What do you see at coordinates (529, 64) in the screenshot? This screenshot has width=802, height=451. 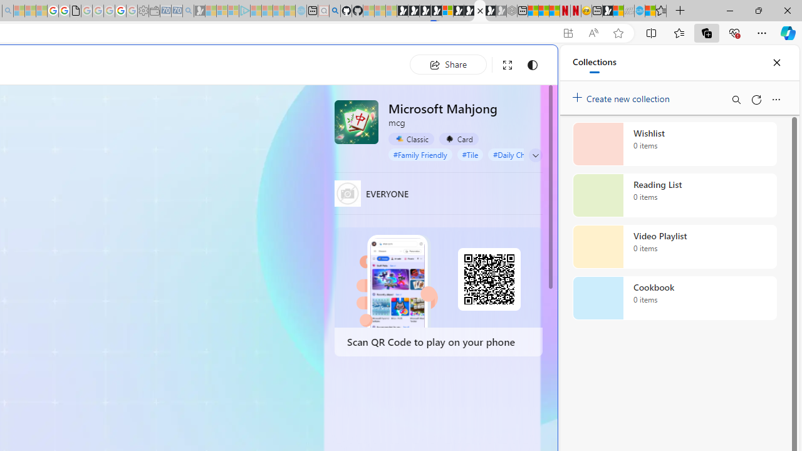 I see `'Close split screen'` at bounding box center [529, 64].